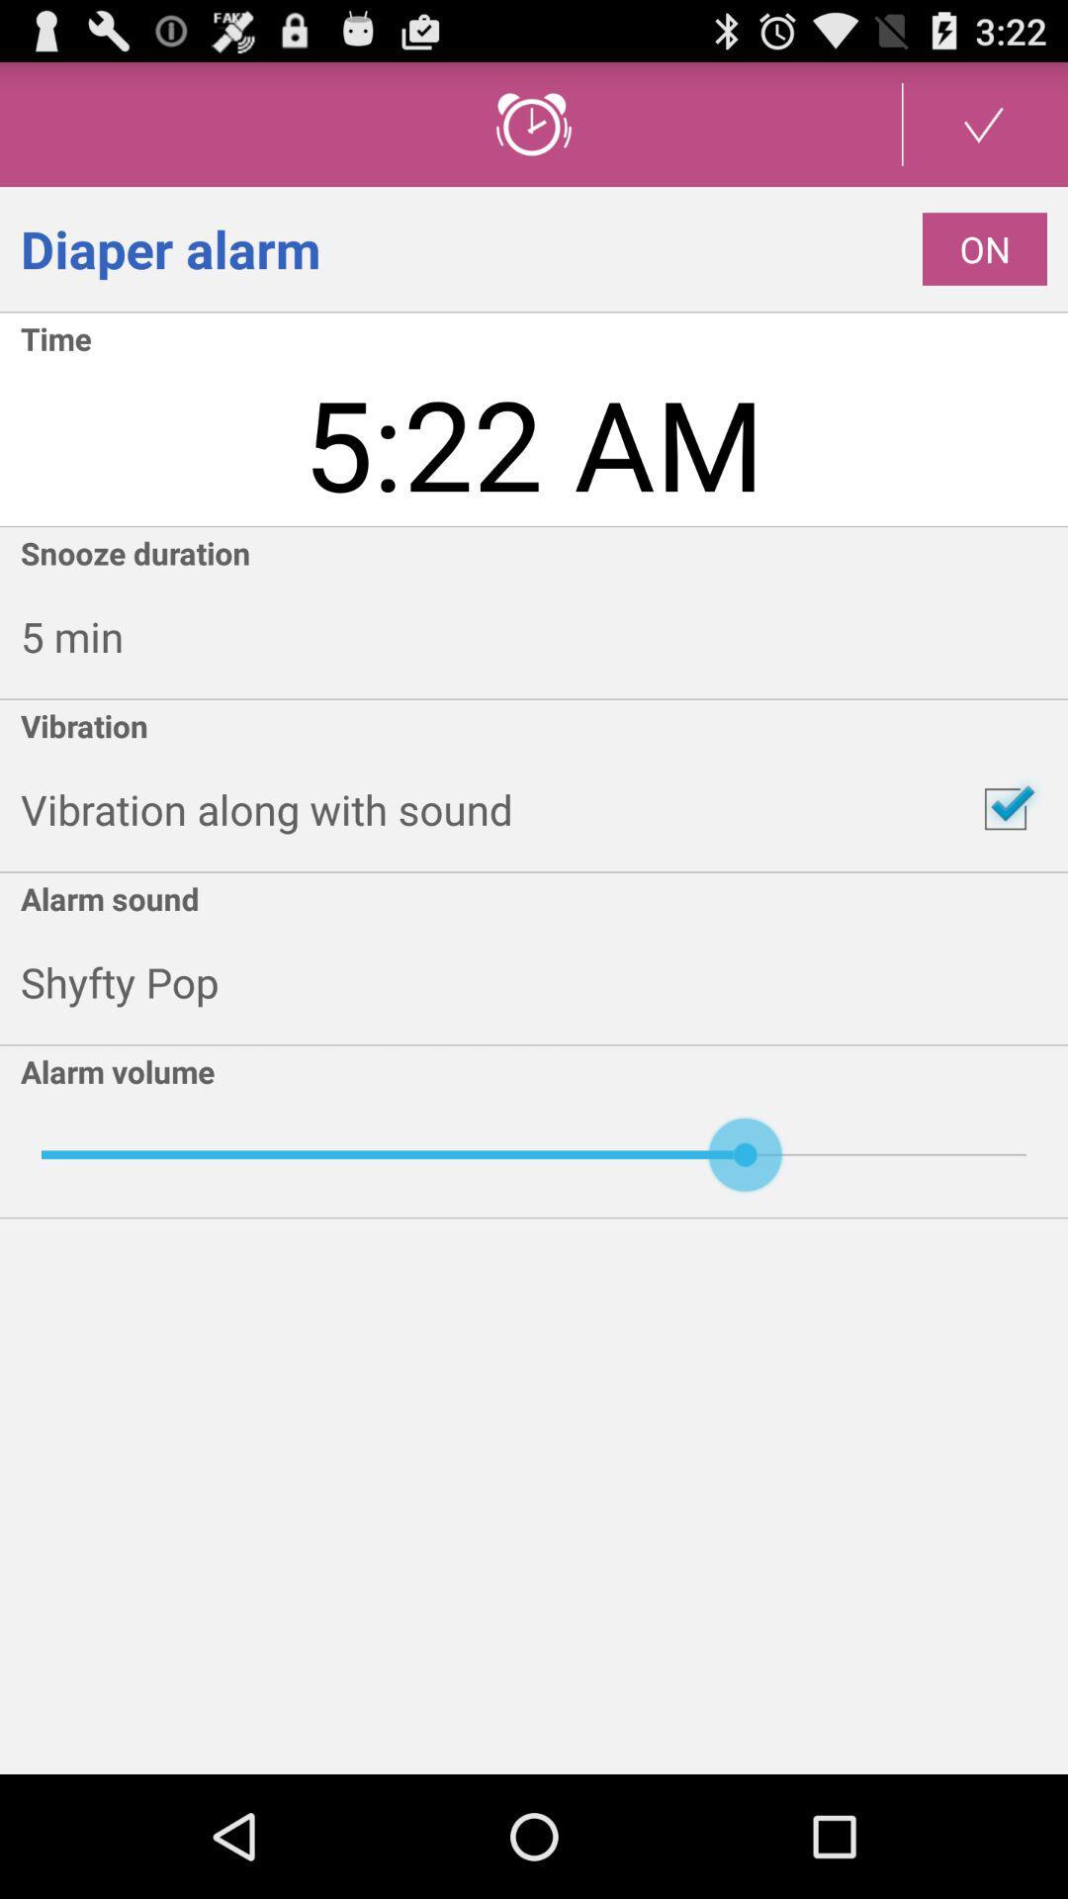 Image resolution: width=1068 pixels, height=1899 pixels. Describe the element at coordinates (1006, 809) in the screenshot. I see `option vibration along with sound` at that location.